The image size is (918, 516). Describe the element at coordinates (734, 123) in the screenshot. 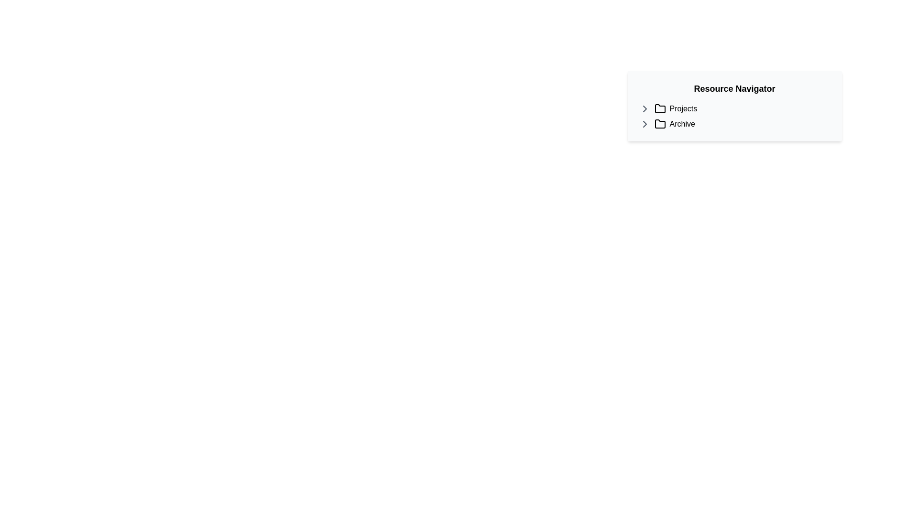

I see `the 'Archive' navigation entry, which is the second item in the 'Resource Navigator' list` at that location.